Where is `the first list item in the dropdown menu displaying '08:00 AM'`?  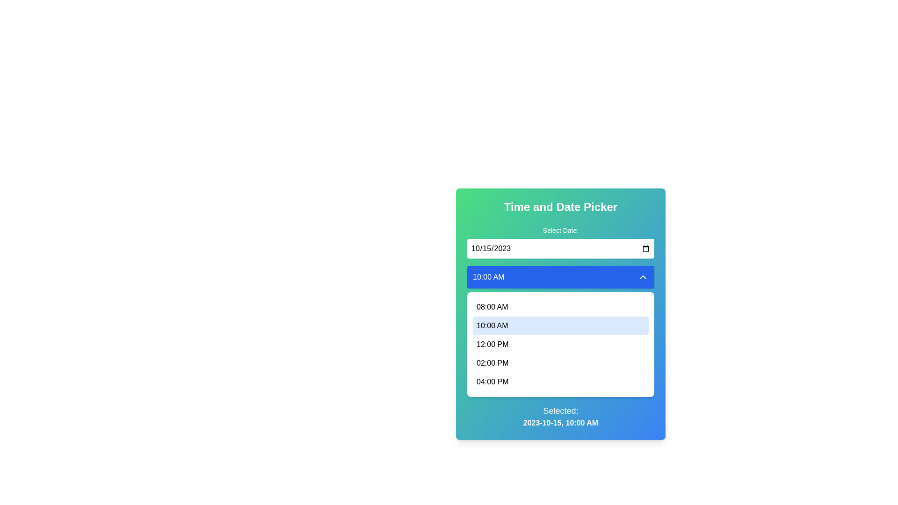 the first list item in the dropdown menu displaying '08:00 AM' is located at coordinates (561, 307).